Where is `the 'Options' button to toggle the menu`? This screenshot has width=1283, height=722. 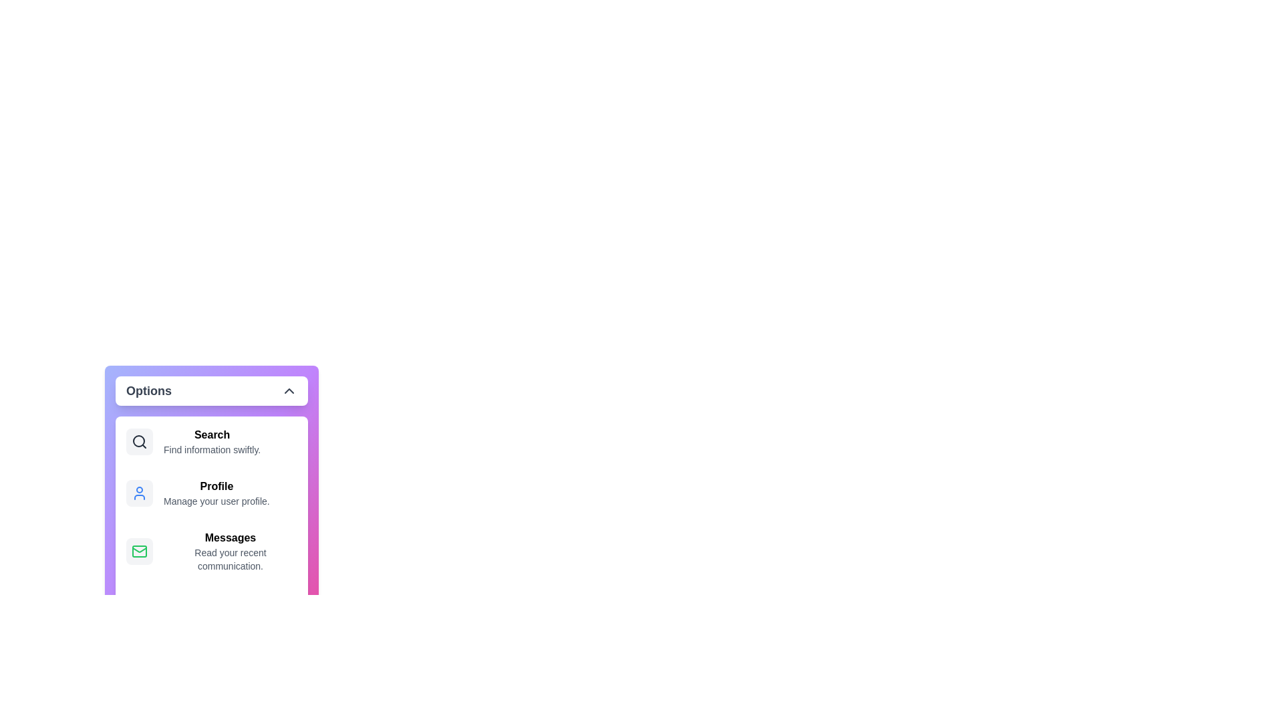 the 'Options' button to toggle the menu is located at coordinates (210, 391).